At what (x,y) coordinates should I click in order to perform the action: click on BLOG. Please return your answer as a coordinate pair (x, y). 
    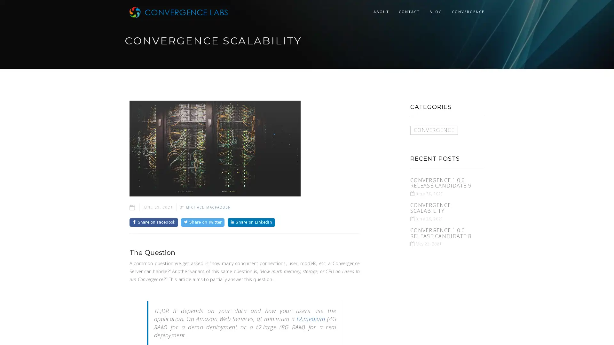
    Looking at the image, I should click on (436, 12).